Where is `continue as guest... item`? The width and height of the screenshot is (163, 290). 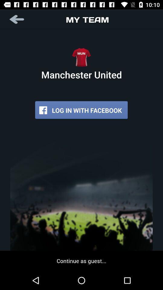
continue as guest... item is located at coordinates (81, 260).